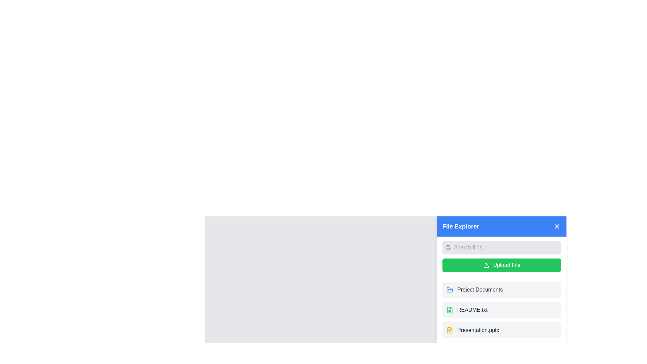 This screenshot has height=364, width=647. Describe the element at coordinates (501, 290) in the screenshot. I see `on the 'Project Documents' button in the 'File Explorer' sidebar` at that location.